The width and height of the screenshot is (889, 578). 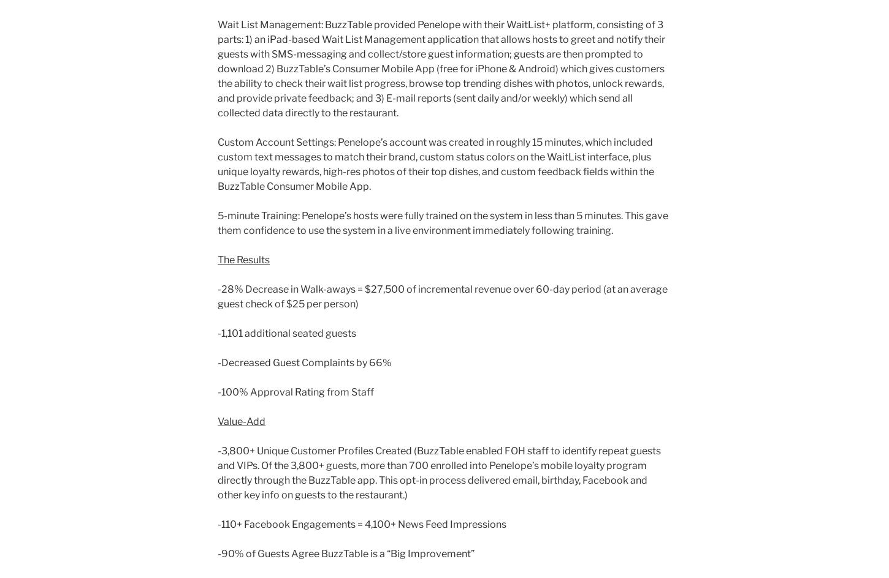 What do you see at coordinates (441, 296) in the screenshot?
I see `'-28% Decrease in Walk-aways = $27,500 of incremental revenue over 60-day period (at an average guest check of $25 per person)'` at bounding box center [441, 296].